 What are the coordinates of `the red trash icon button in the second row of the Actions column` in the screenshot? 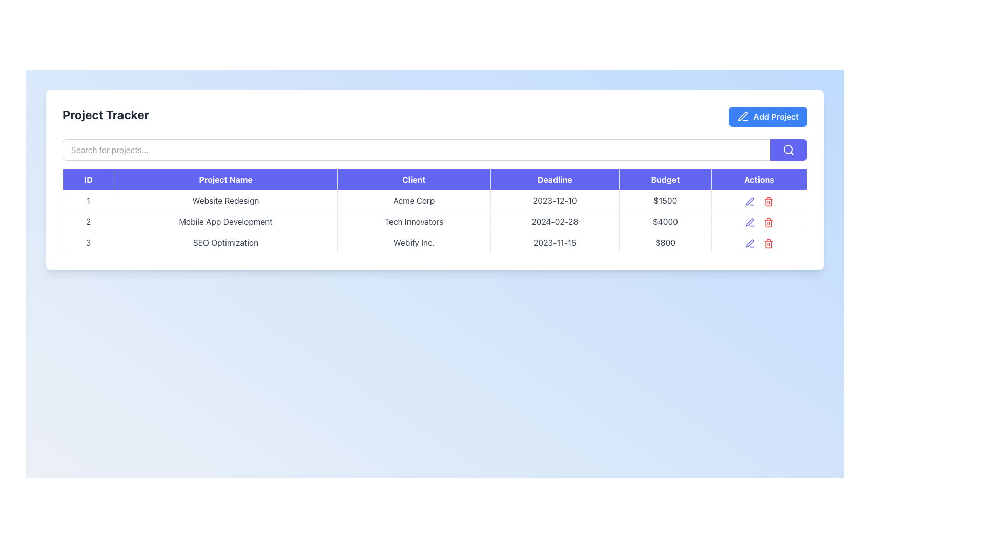 It's located at (768, 221).